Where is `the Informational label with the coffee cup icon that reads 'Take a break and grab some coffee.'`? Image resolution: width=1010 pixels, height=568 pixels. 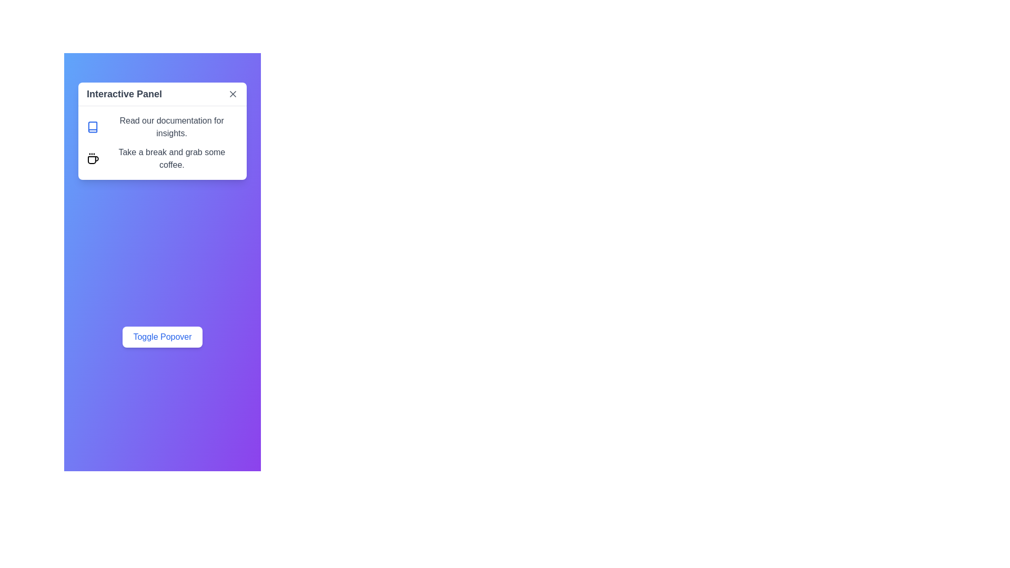
the Informational label with the coffee cup icon that reads 'Take a break and grab some coffee.' is located at coordinates (161, 158).